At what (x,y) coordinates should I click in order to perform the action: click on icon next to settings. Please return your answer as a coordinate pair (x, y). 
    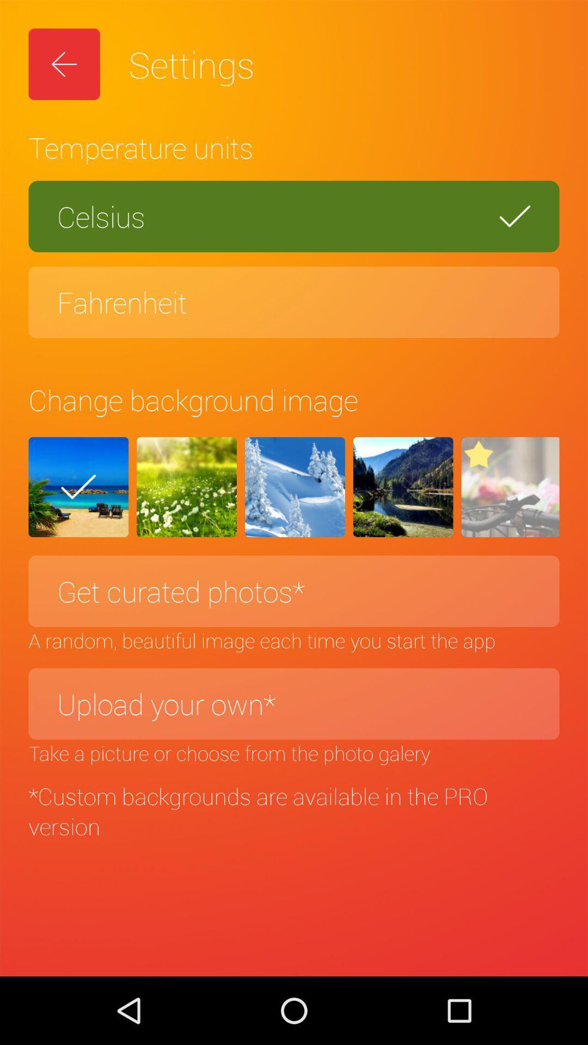
    Looking at the image, I should click on (64, 64).